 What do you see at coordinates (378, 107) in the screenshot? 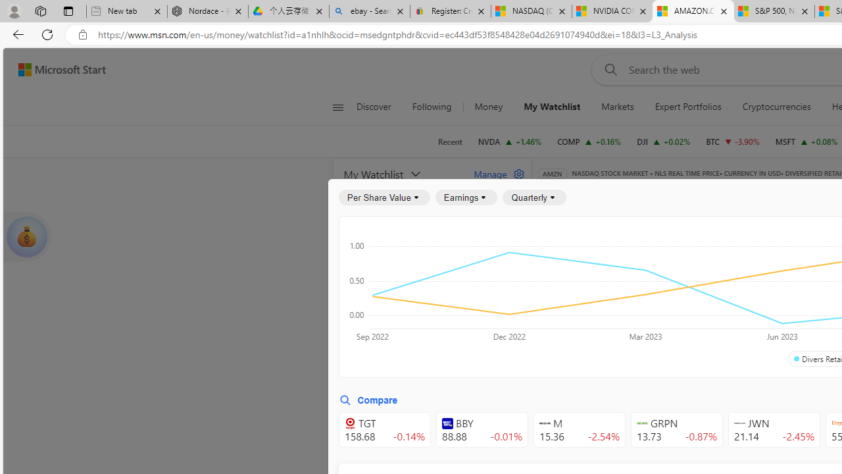
I see `'Discover'` at bounding box center [378, 107].